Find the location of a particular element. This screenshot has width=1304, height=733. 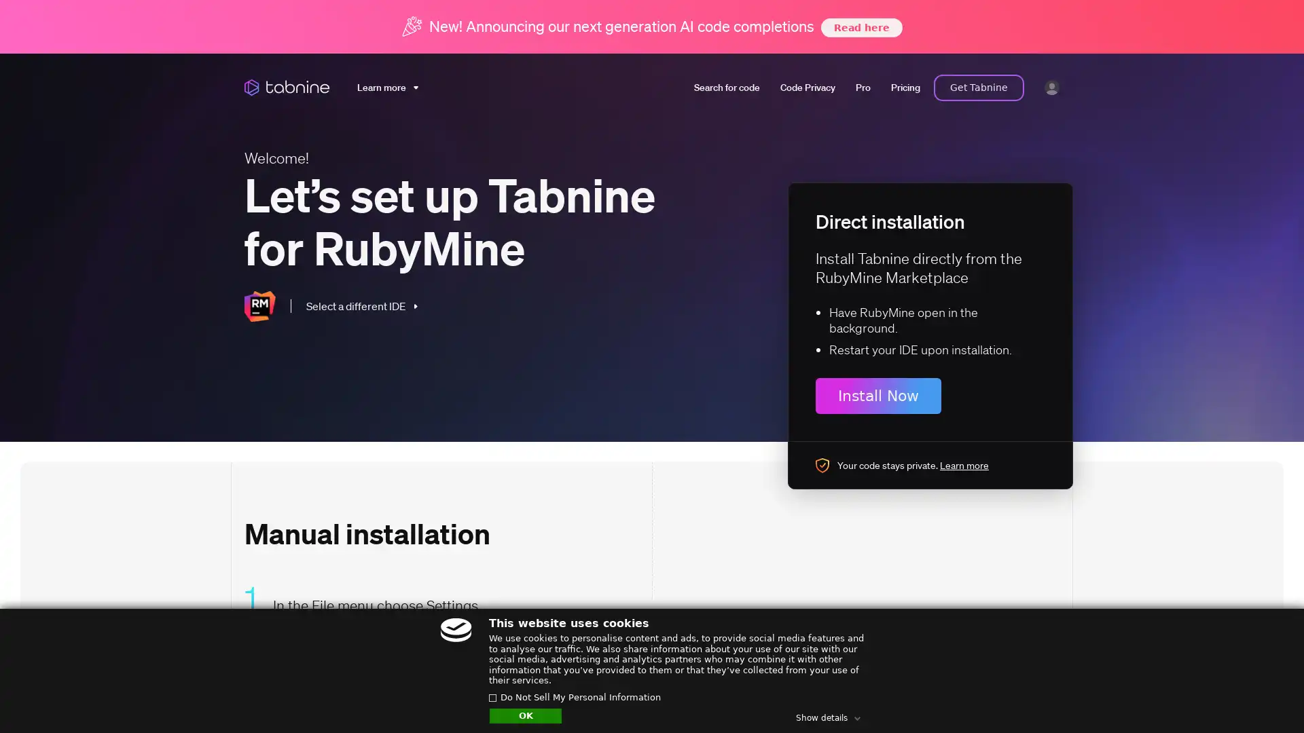

Read here is located at coordinates (860, 26).